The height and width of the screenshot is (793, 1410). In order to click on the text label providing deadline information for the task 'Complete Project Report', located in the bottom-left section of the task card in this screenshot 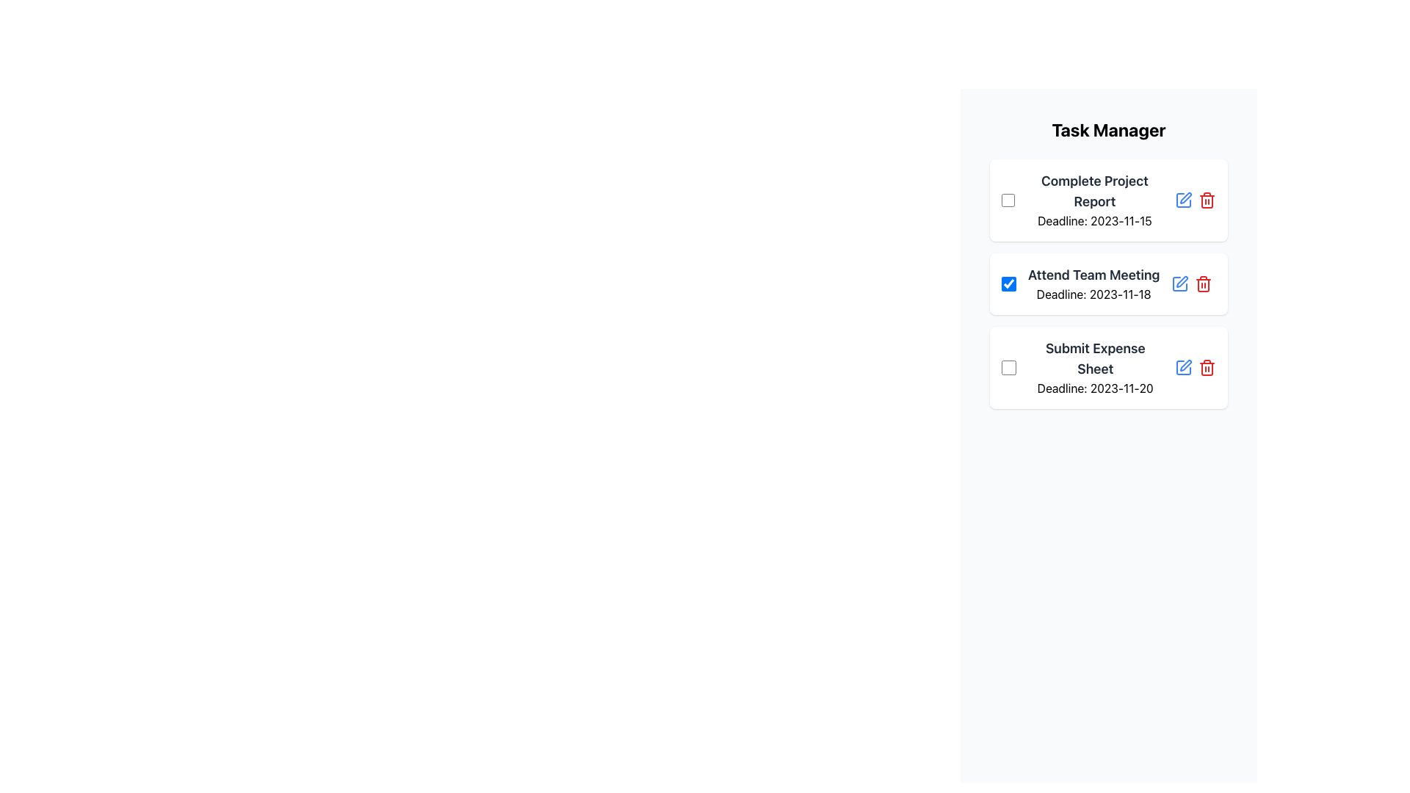, I will do `click(1095, 220)`.